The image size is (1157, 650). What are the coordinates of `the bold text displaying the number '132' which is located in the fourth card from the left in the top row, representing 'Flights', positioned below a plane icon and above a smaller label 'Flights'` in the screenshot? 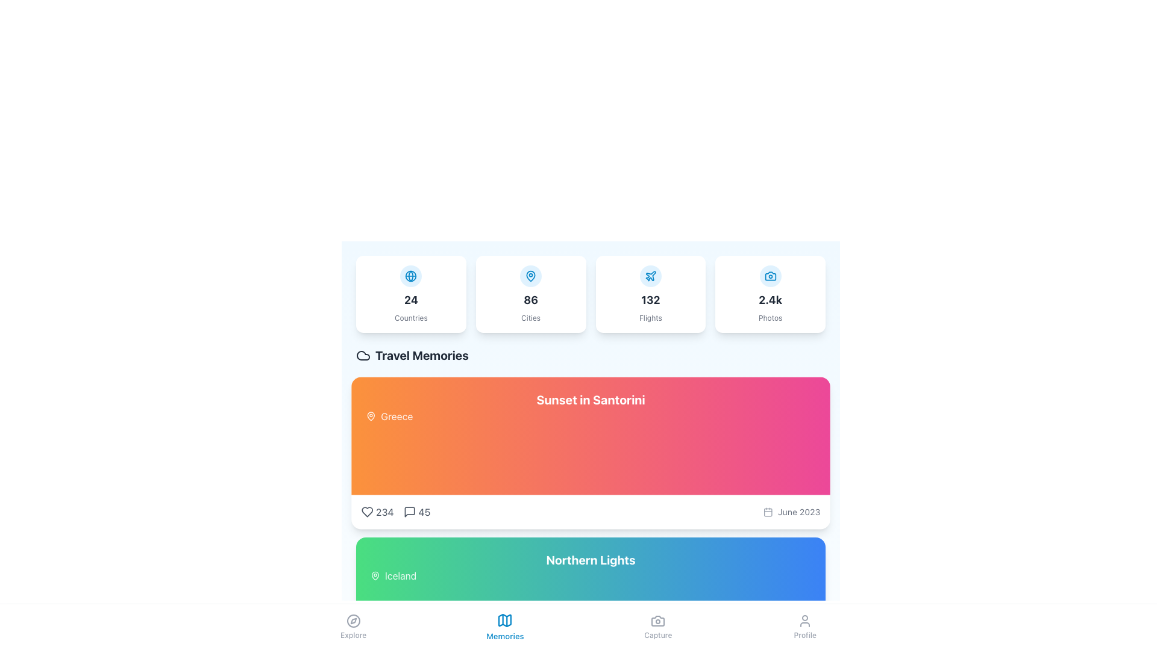 It's located at (650, 299).